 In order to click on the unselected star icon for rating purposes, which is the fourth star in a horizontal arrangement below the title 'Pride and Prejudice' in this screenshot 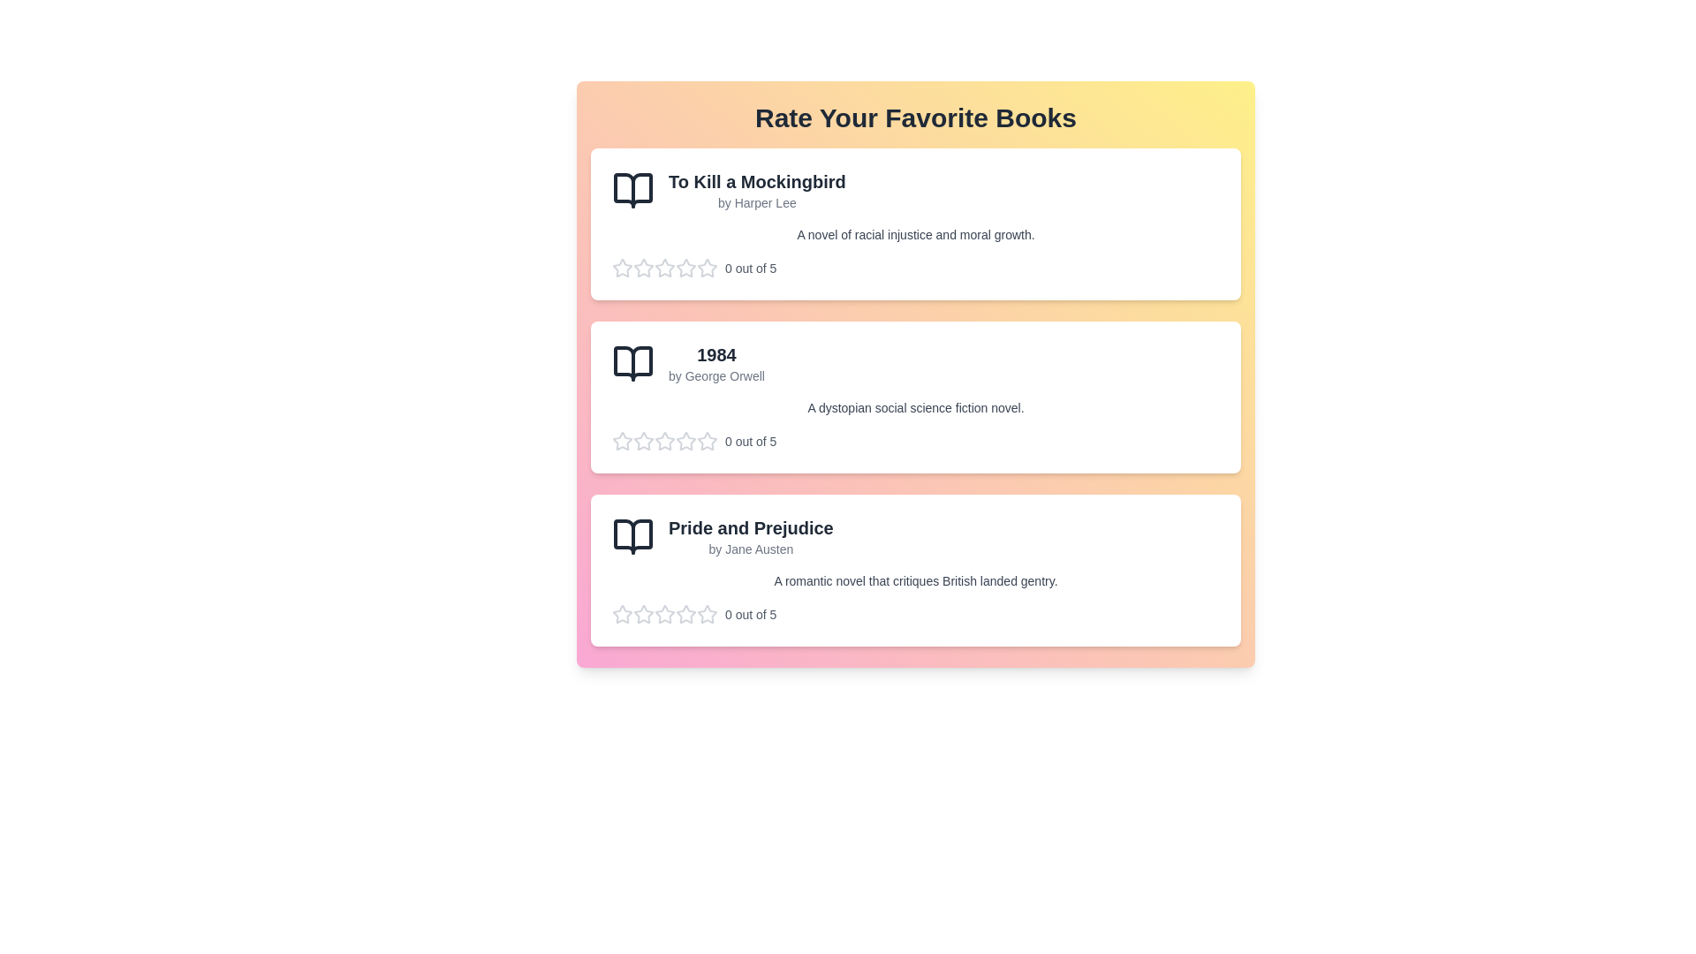, I will do `click(664, 613)`.